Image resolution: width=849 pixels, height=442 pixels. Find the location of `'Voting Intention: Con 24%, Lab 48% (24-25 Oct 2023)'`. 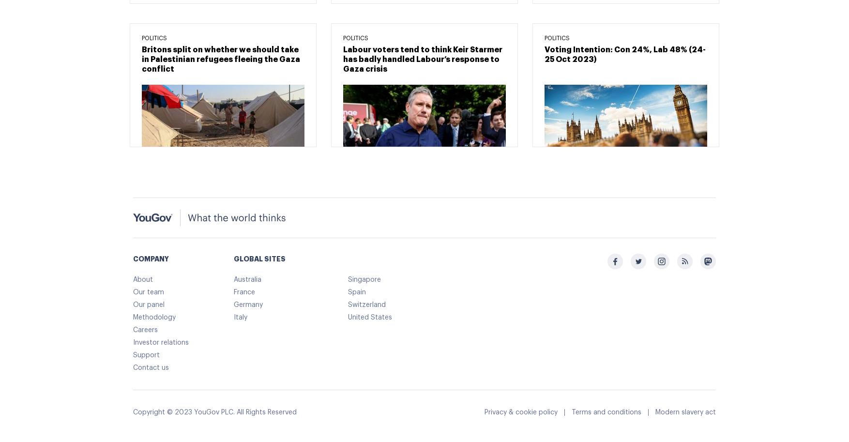

'Voting Intention: Con 24%, Lab 48% (24-25 Oct 2023)' is located at coordinates (625, 54).